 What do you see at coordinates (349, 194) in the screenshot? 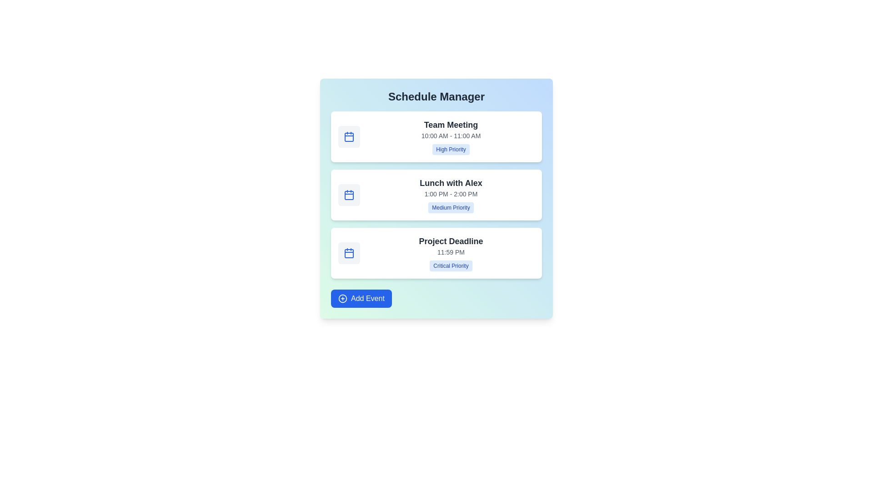
I see `the calendar icon for the event 'Lunch with Alex'` at bounding box center [349, 194].